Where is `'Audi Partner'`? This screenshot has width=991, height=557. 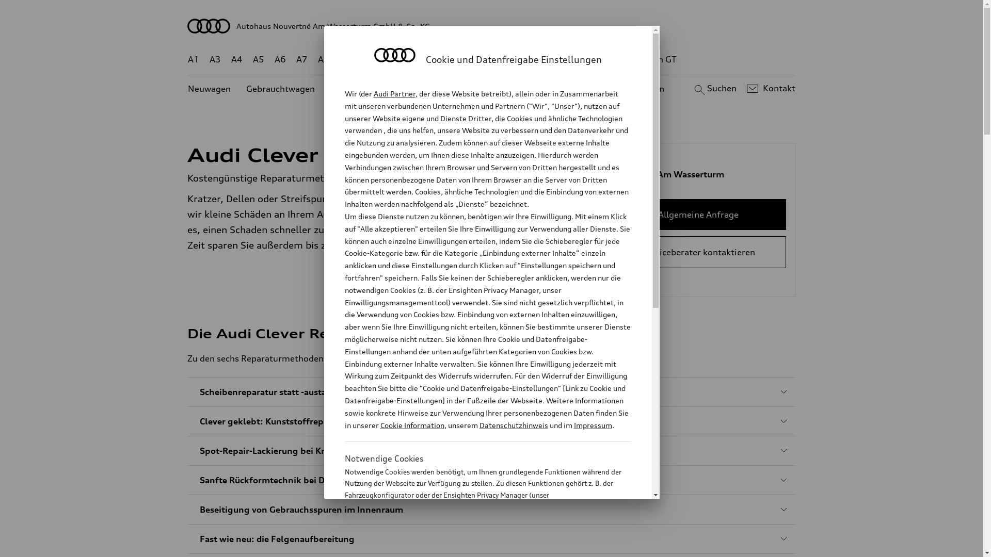
'Audi Partner' is located at coordinates (394, 93).